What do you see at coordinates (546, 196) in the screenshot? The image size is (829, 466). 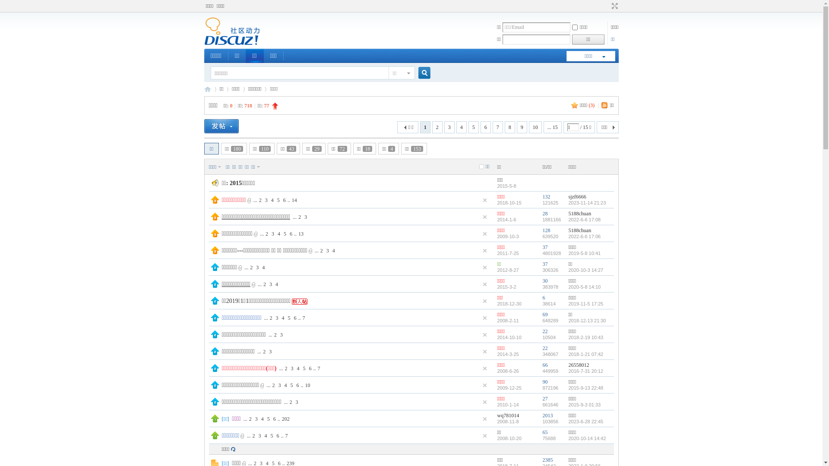 I see `'132'` at bounding box center [546, 196].